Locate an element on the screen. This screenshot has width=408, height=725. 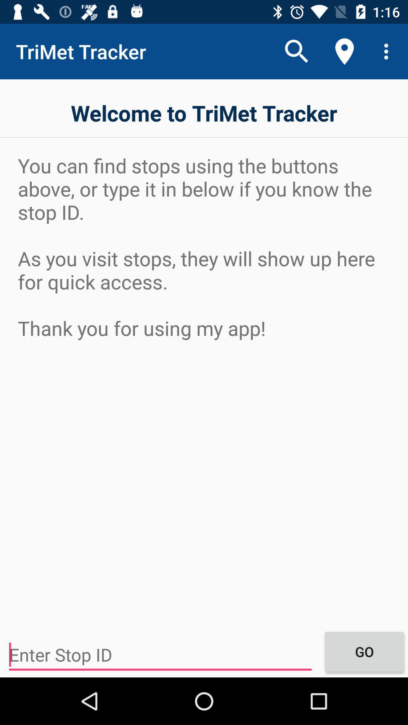
icon below you can find item is located at coordinates (364, 651).